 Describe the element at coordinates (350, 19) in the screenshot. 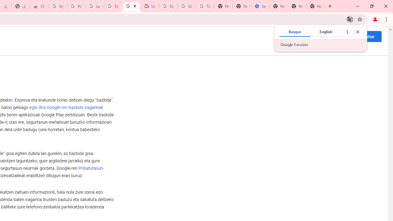

I see `'Translate this page'` at that location.